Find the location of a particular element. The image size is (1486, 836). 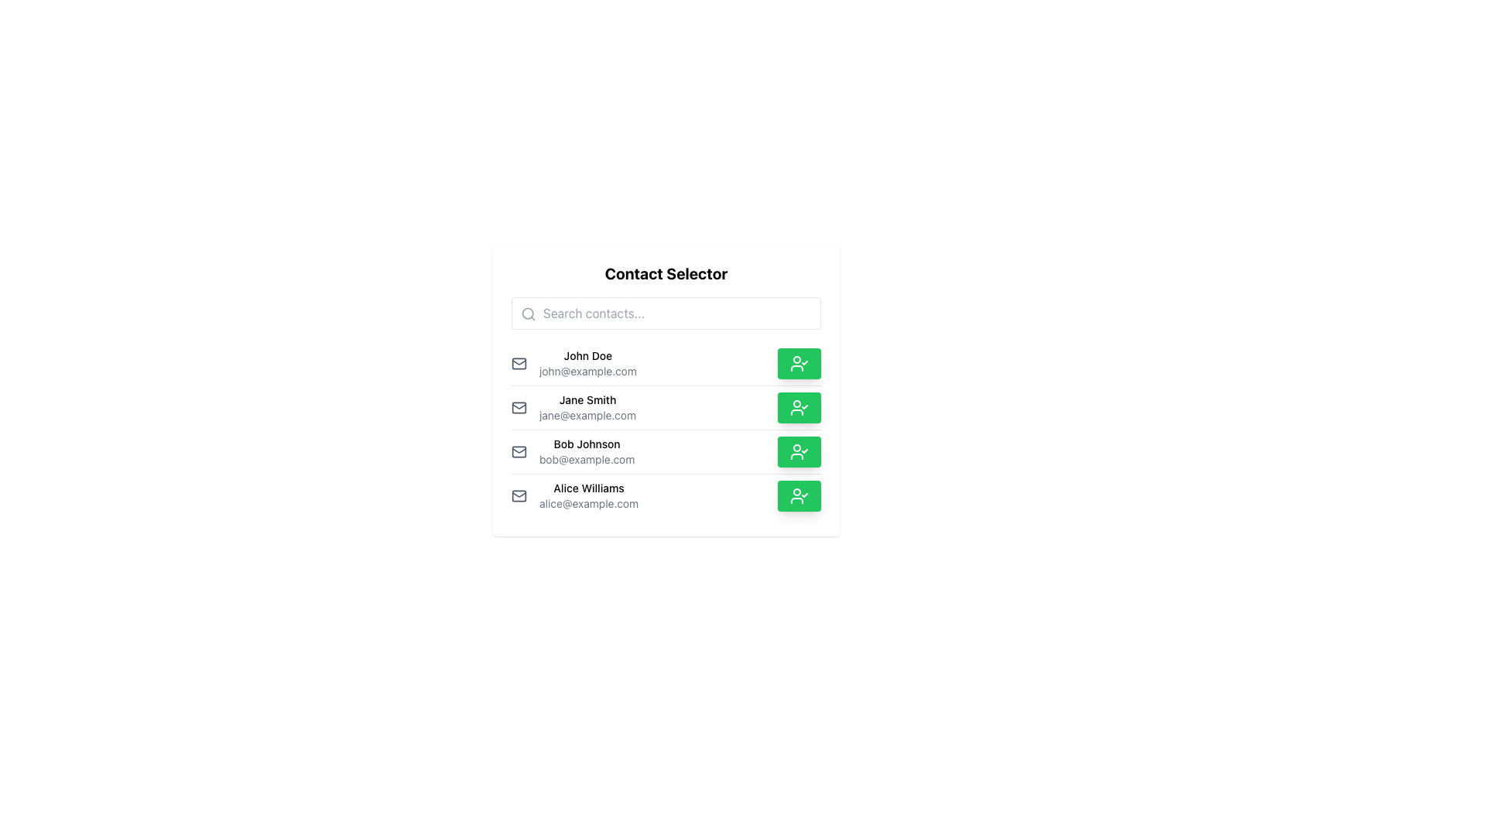

the contact list item labeled 'Bob Johnson' is located at coordinates (666, 451).